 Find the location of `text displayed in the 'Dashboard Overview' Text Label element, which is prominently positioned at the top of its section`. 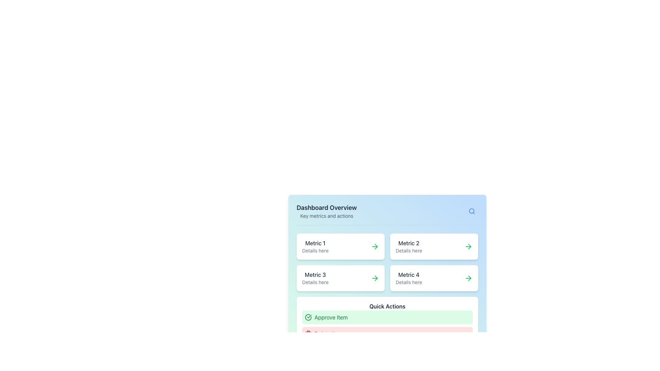

text displayed in the 'Dashboard Overview' Text Label element, which is prominently positioned at the top of its section is located at coordinates (326, 207).